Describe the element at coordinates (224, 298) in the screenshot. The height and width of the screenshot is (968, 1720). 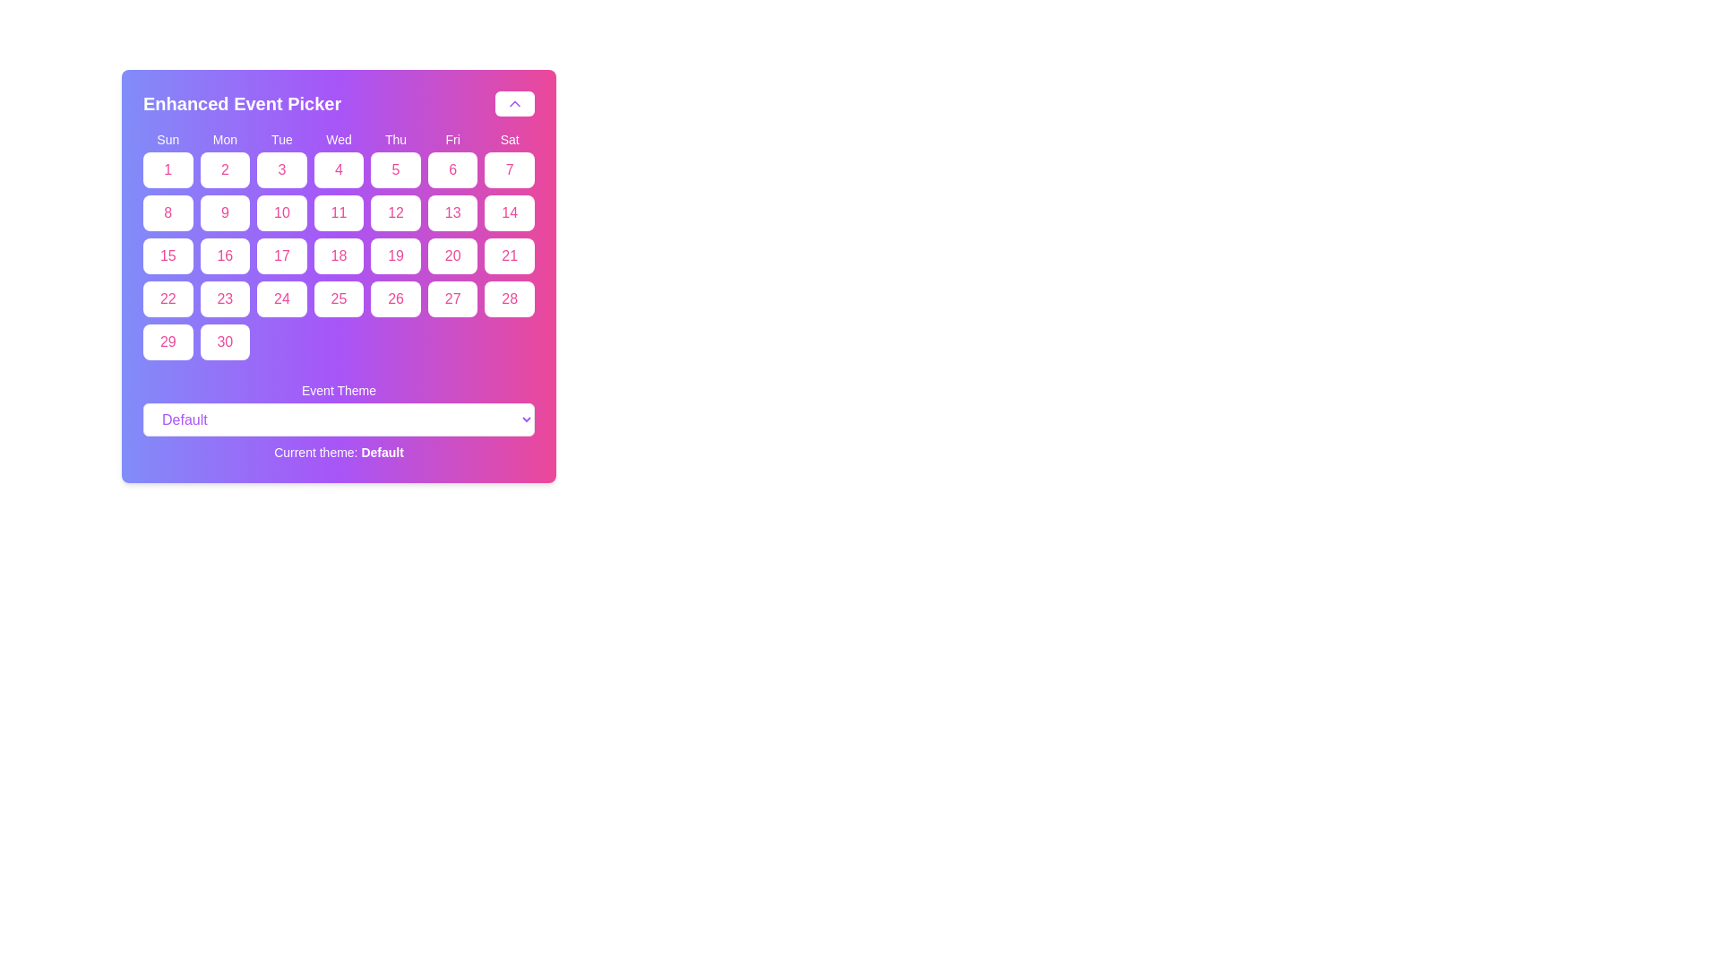
I see `the button labeled '23' which is a rounded rectangle with a white background and pink text, located in the fourth row and second column of the grid layout in the lower half of the calendar component` at that location.